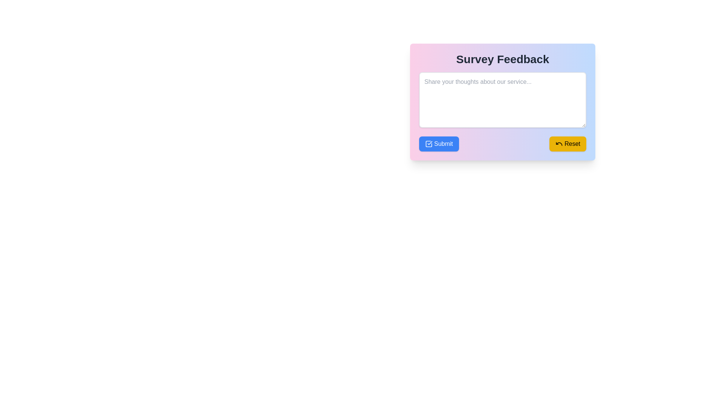  Describe the element at coordinates (429, 144) in the screenshot. I see `the square-shaped icon with a checkmark inside, located within the blue 'Submit' button on the bottom-left corner of the survey card` at that location.